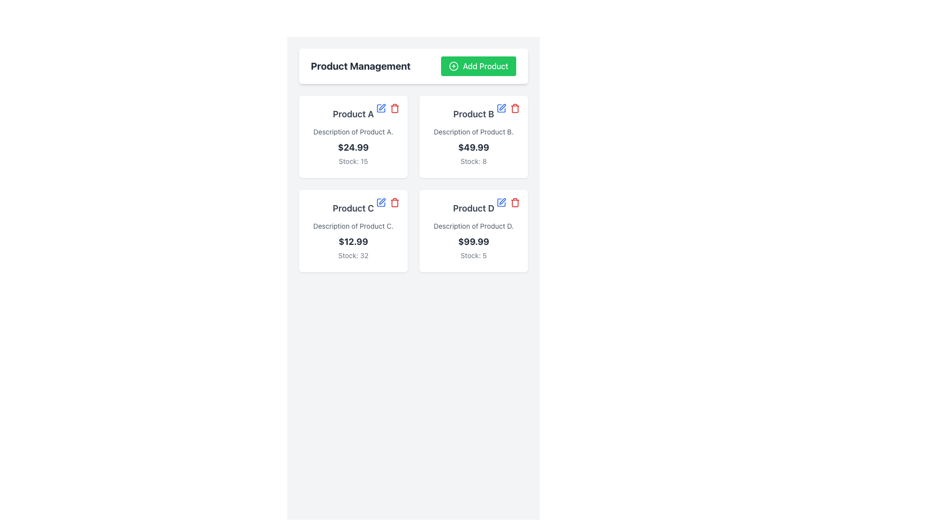 The width and height of the screenshot is (943, 530). I want to click on the edit icon button for 'Product C', so click(382, 201).